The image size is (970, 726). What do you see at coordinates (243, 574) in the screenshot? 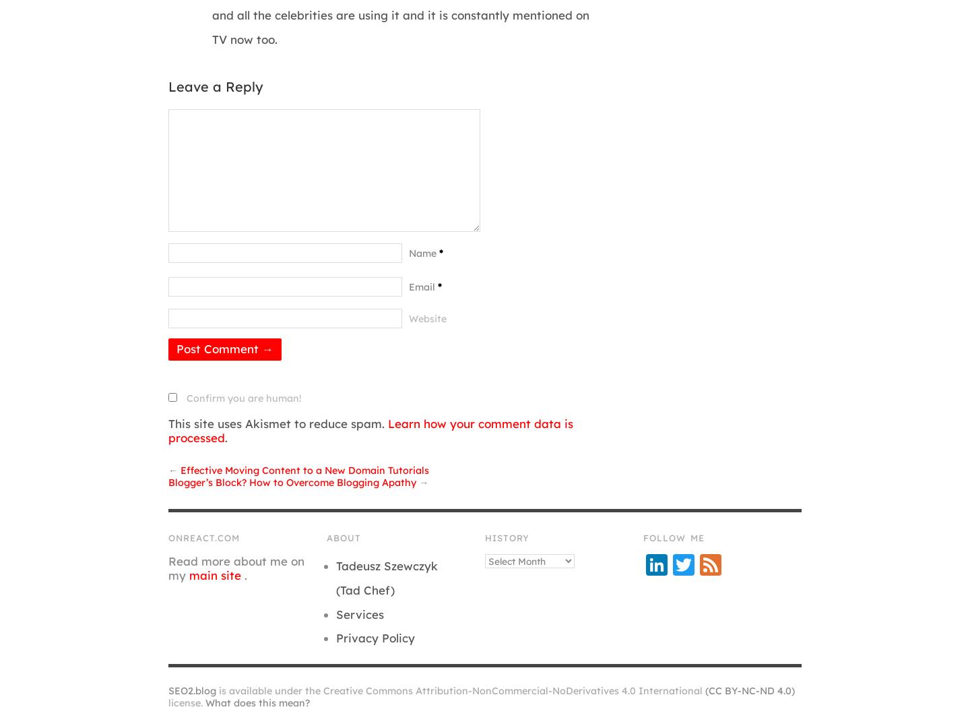
I see `'.'` at bounding box center [243, 574].